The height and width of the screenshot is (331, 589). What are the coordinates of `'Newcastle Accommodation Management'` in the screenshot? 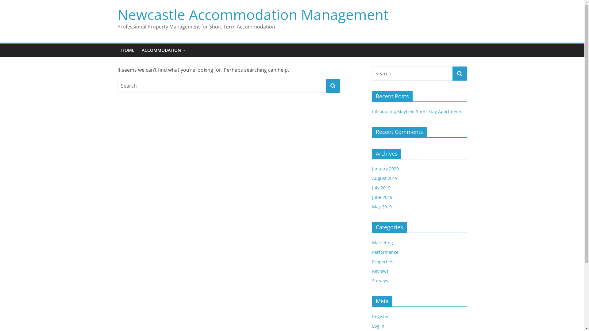 It's located at (117, 14).